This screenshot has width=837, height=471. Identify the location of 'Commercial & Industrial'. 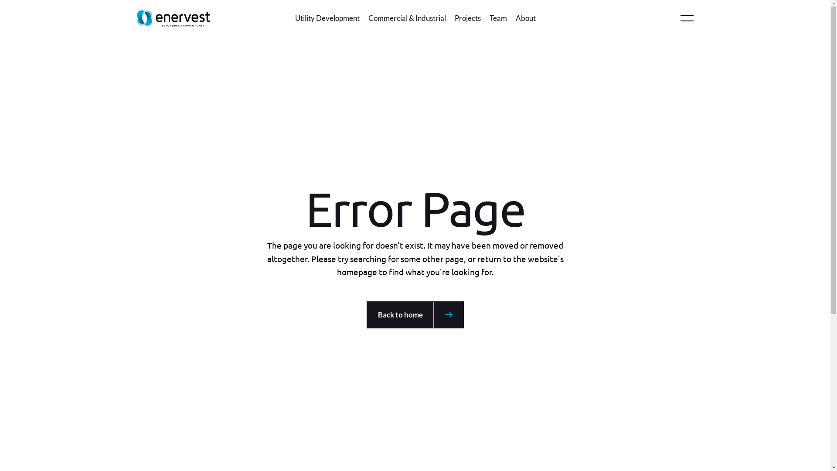
(406, 18).